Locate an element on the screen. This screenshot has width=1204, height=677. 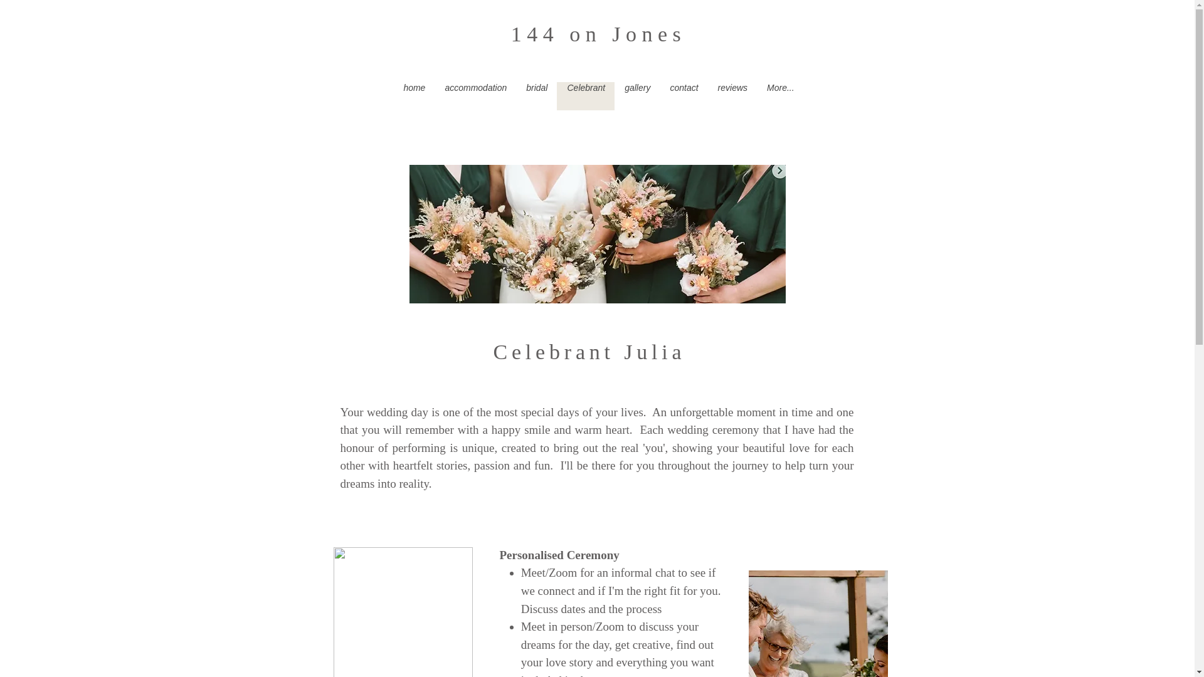
'home' is located at coordinates (414, 95).